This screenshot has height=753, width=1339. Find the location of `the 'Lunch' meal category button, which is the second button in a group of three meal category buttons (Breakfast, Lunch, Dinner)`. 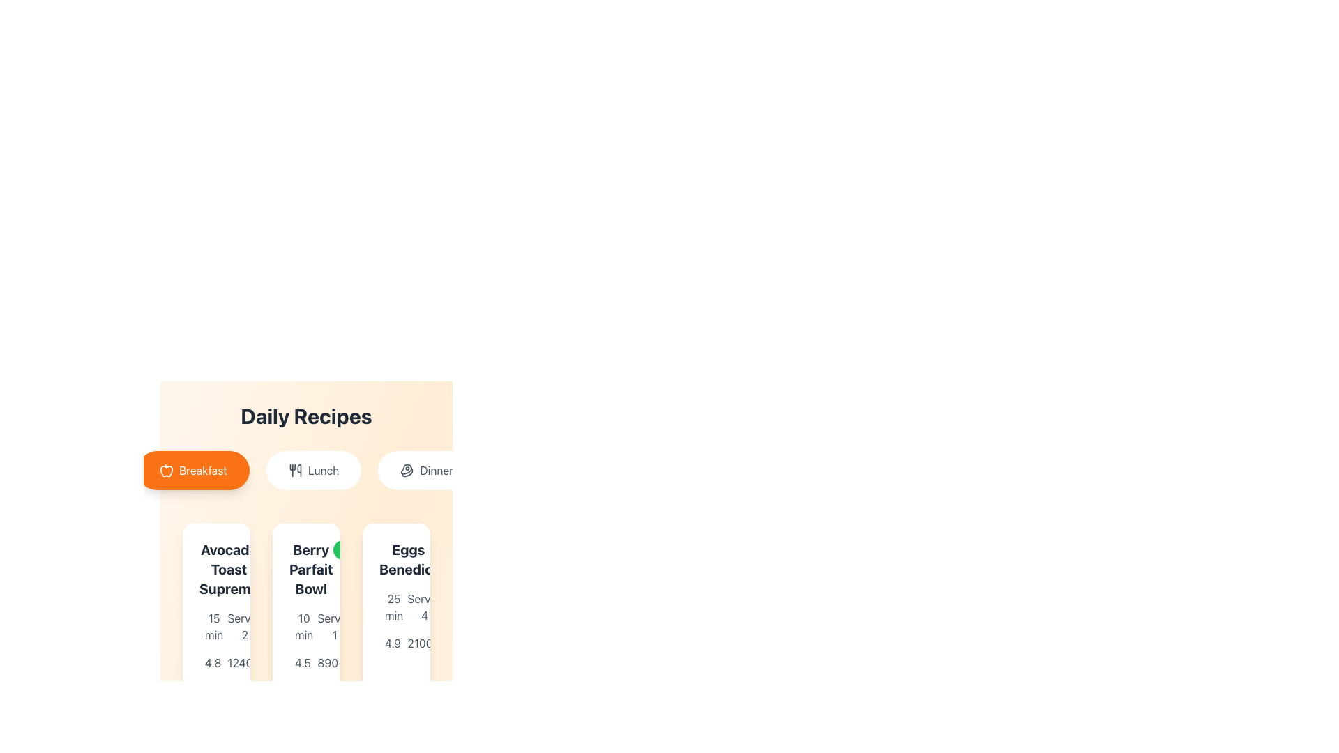

the 'Lunch' meal category button, which is the second button in a group of three meal category buttons (Breakfast, Lunch, Dinner) is located at coordinates (313, 471).